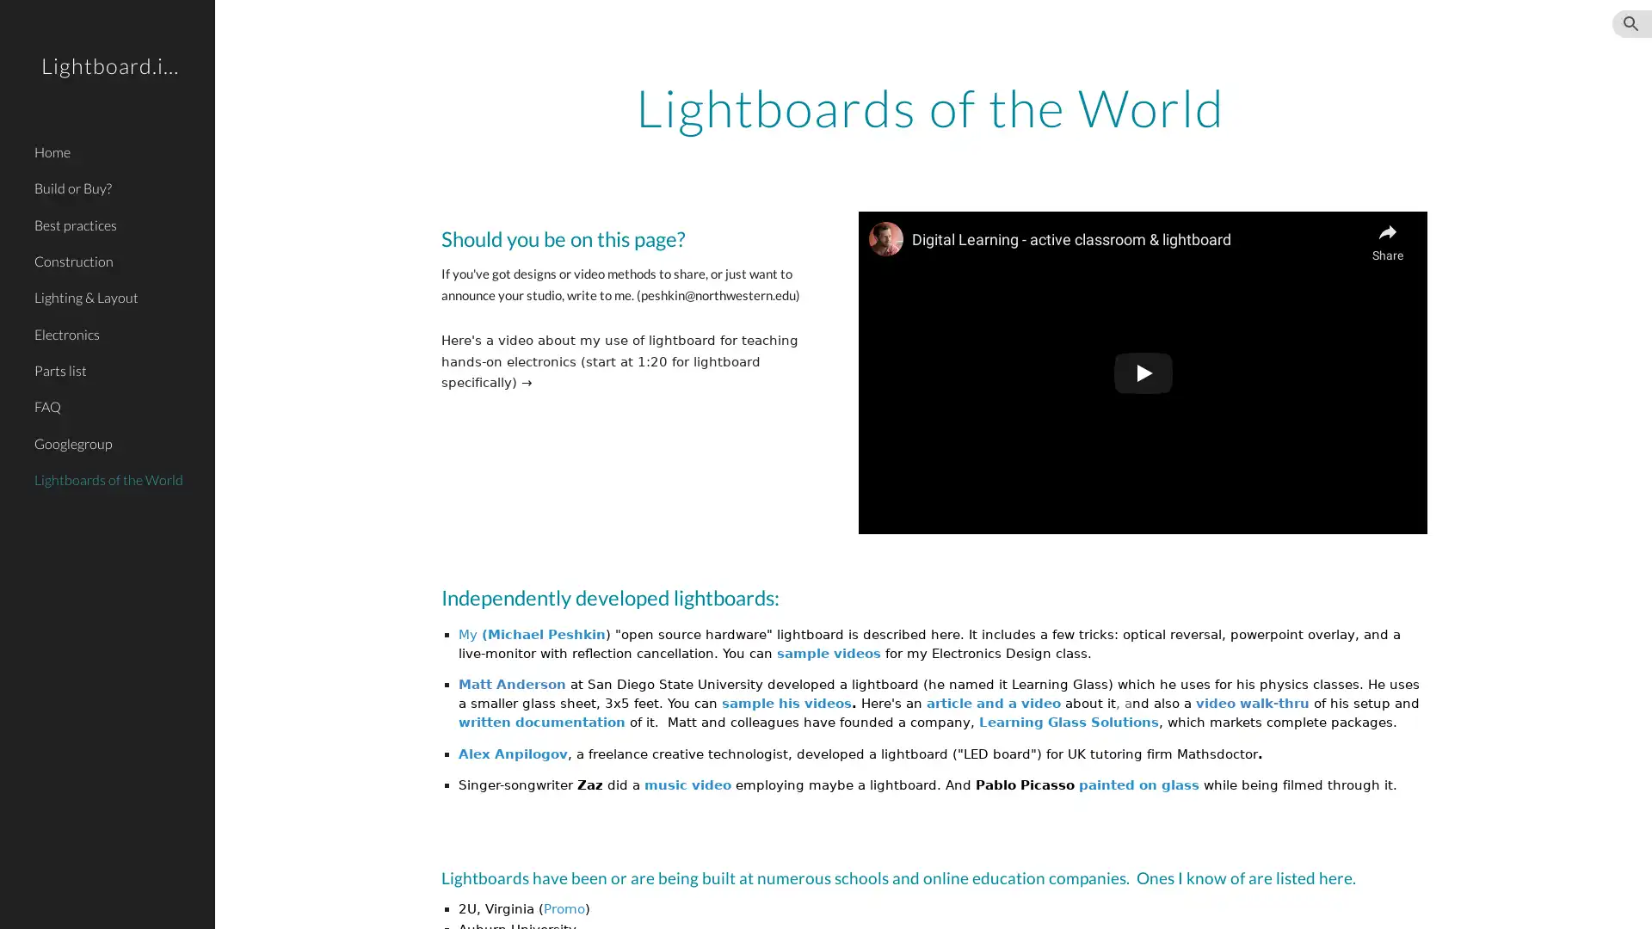 The height and width of the screenshot is (929, 1652). Describe the element at coordinates (980, 32) in the screenshot. I see `Skip to navigation` at that location.